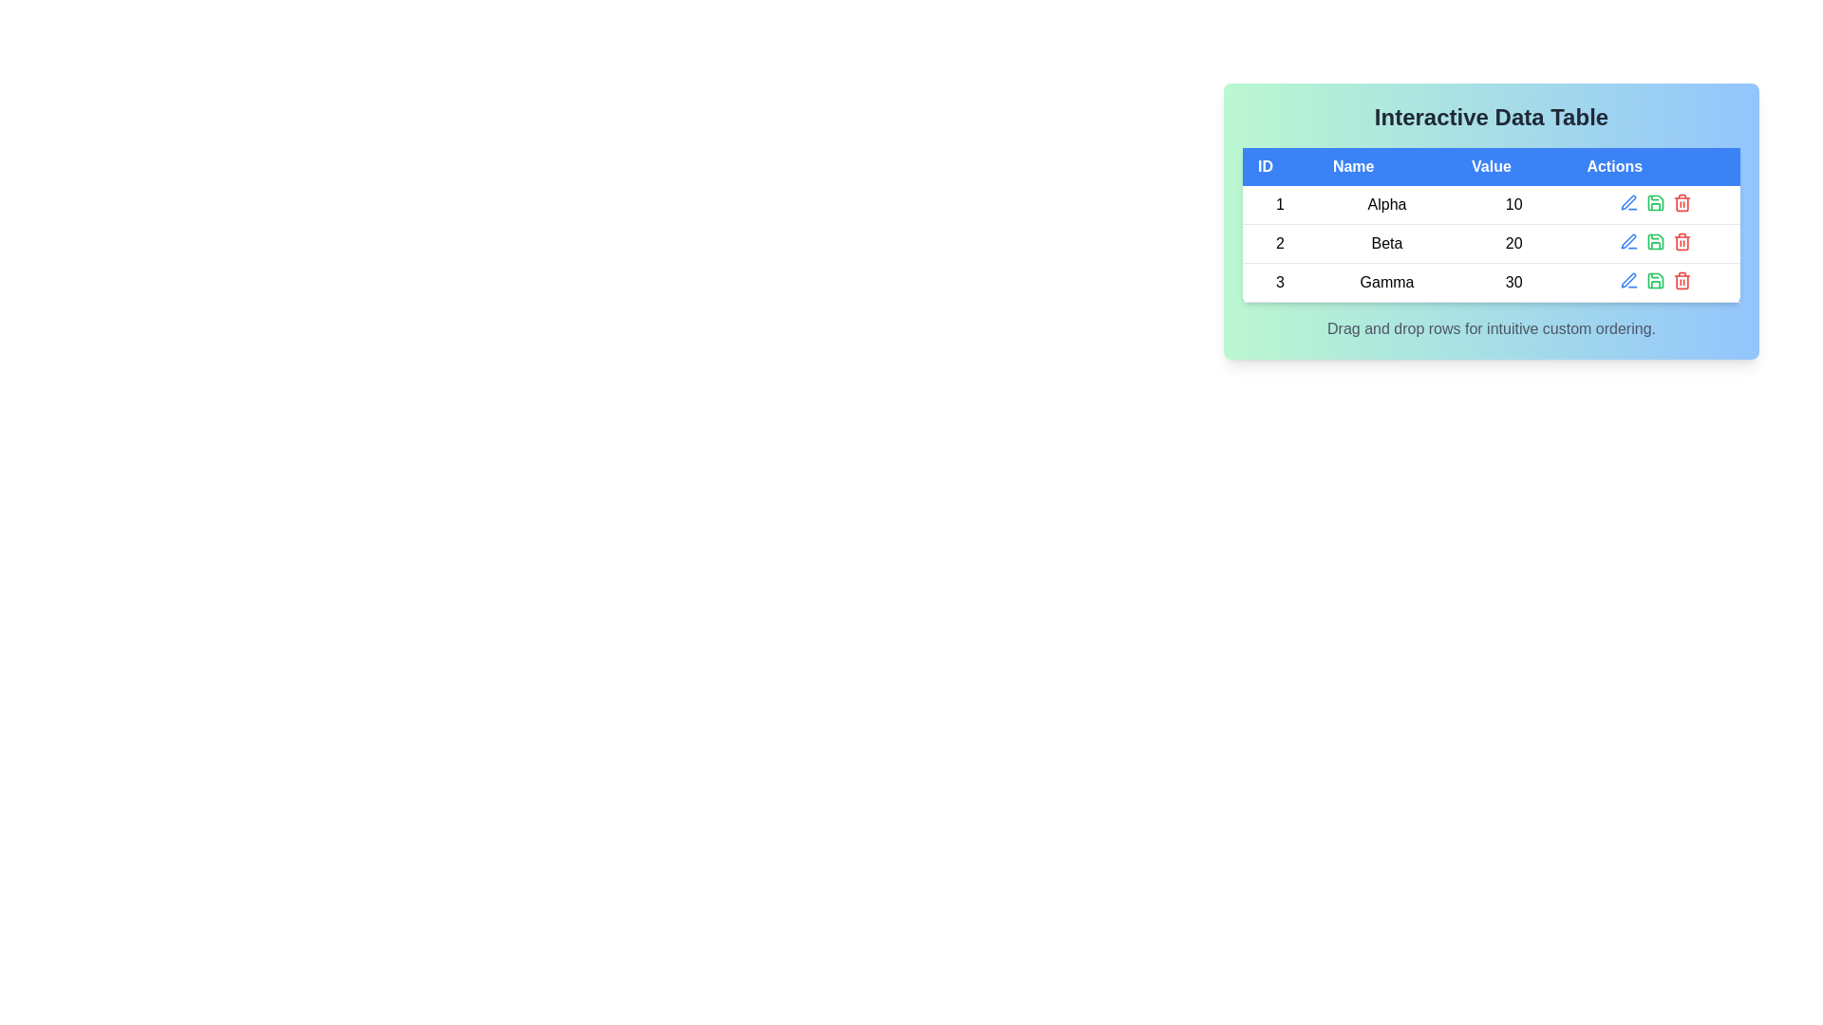 The image size is (1823, 1025). I want to click on the row corresponding to 2, so click(1490, 243).